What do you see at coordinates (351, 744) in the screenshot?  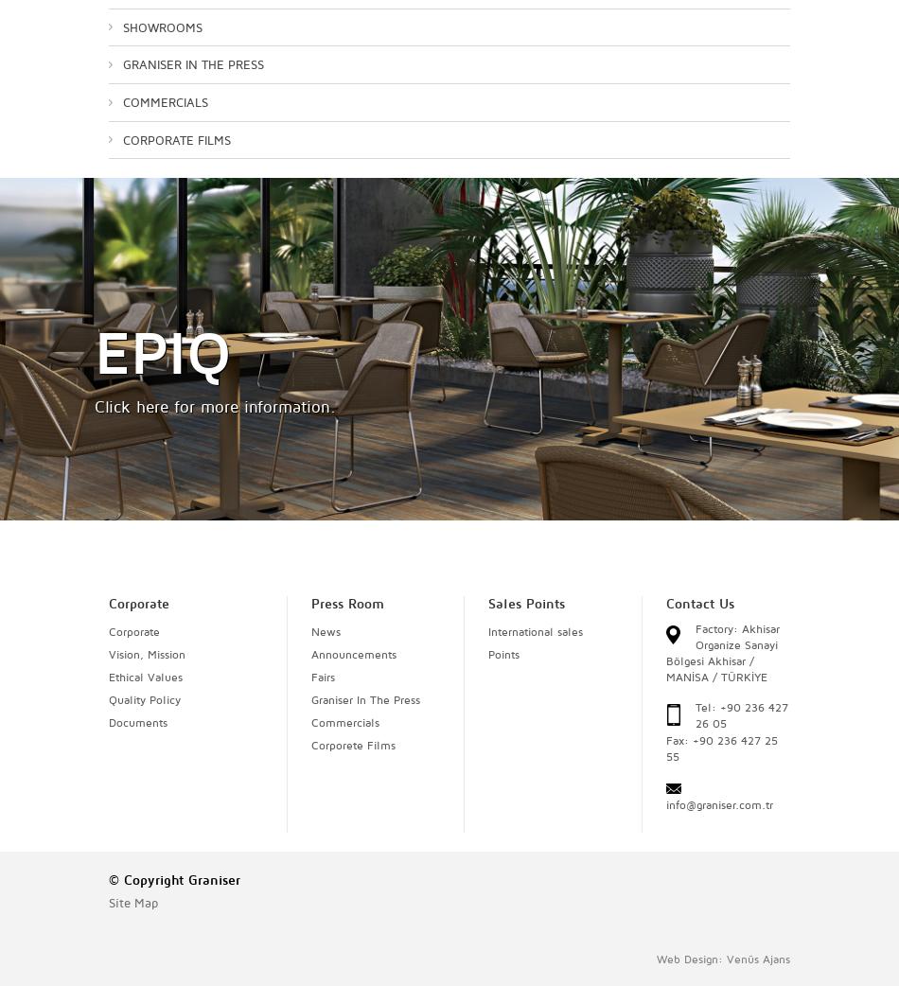 I see `'Corporete Films'` at bounding box center [351, 744].